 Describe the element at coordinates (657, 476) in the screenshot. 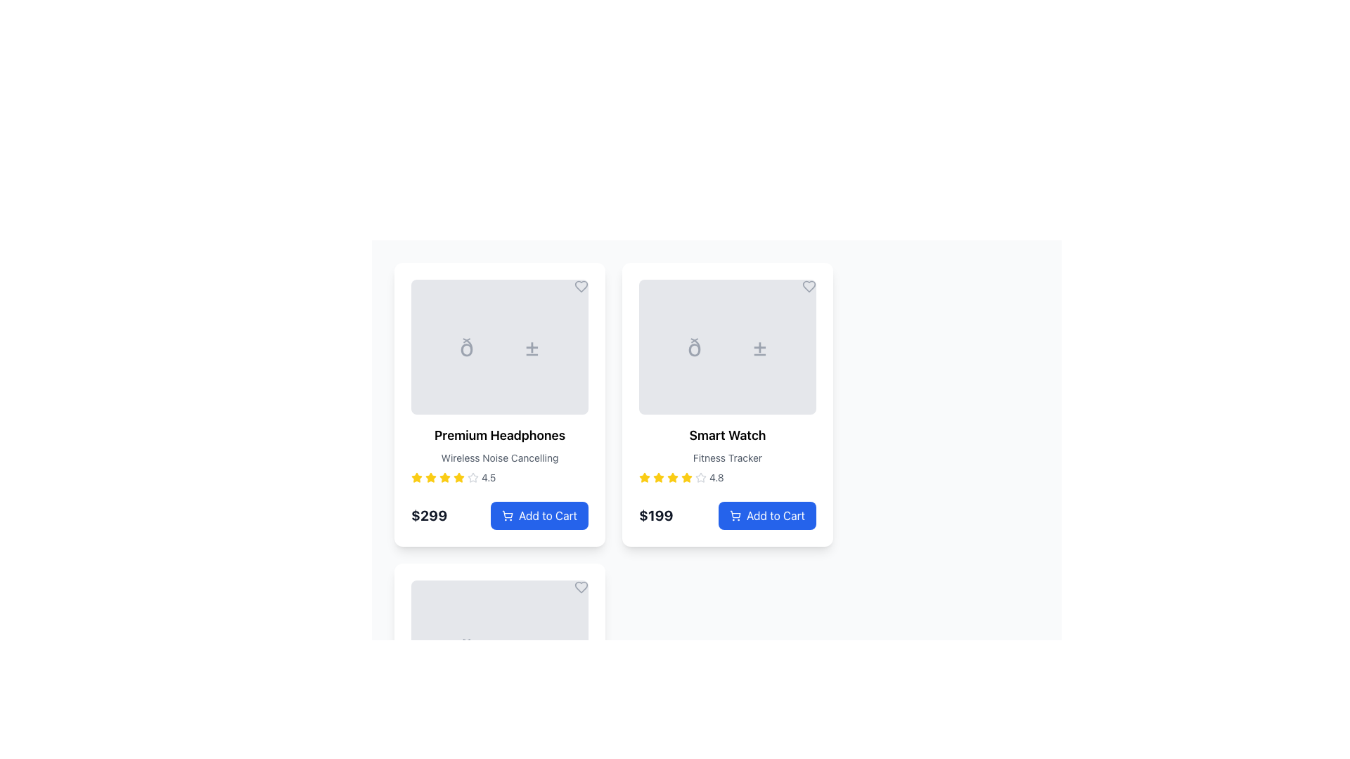

I see `the second rating star icon for the product 'Smart Watch', located under its product name` at that location.